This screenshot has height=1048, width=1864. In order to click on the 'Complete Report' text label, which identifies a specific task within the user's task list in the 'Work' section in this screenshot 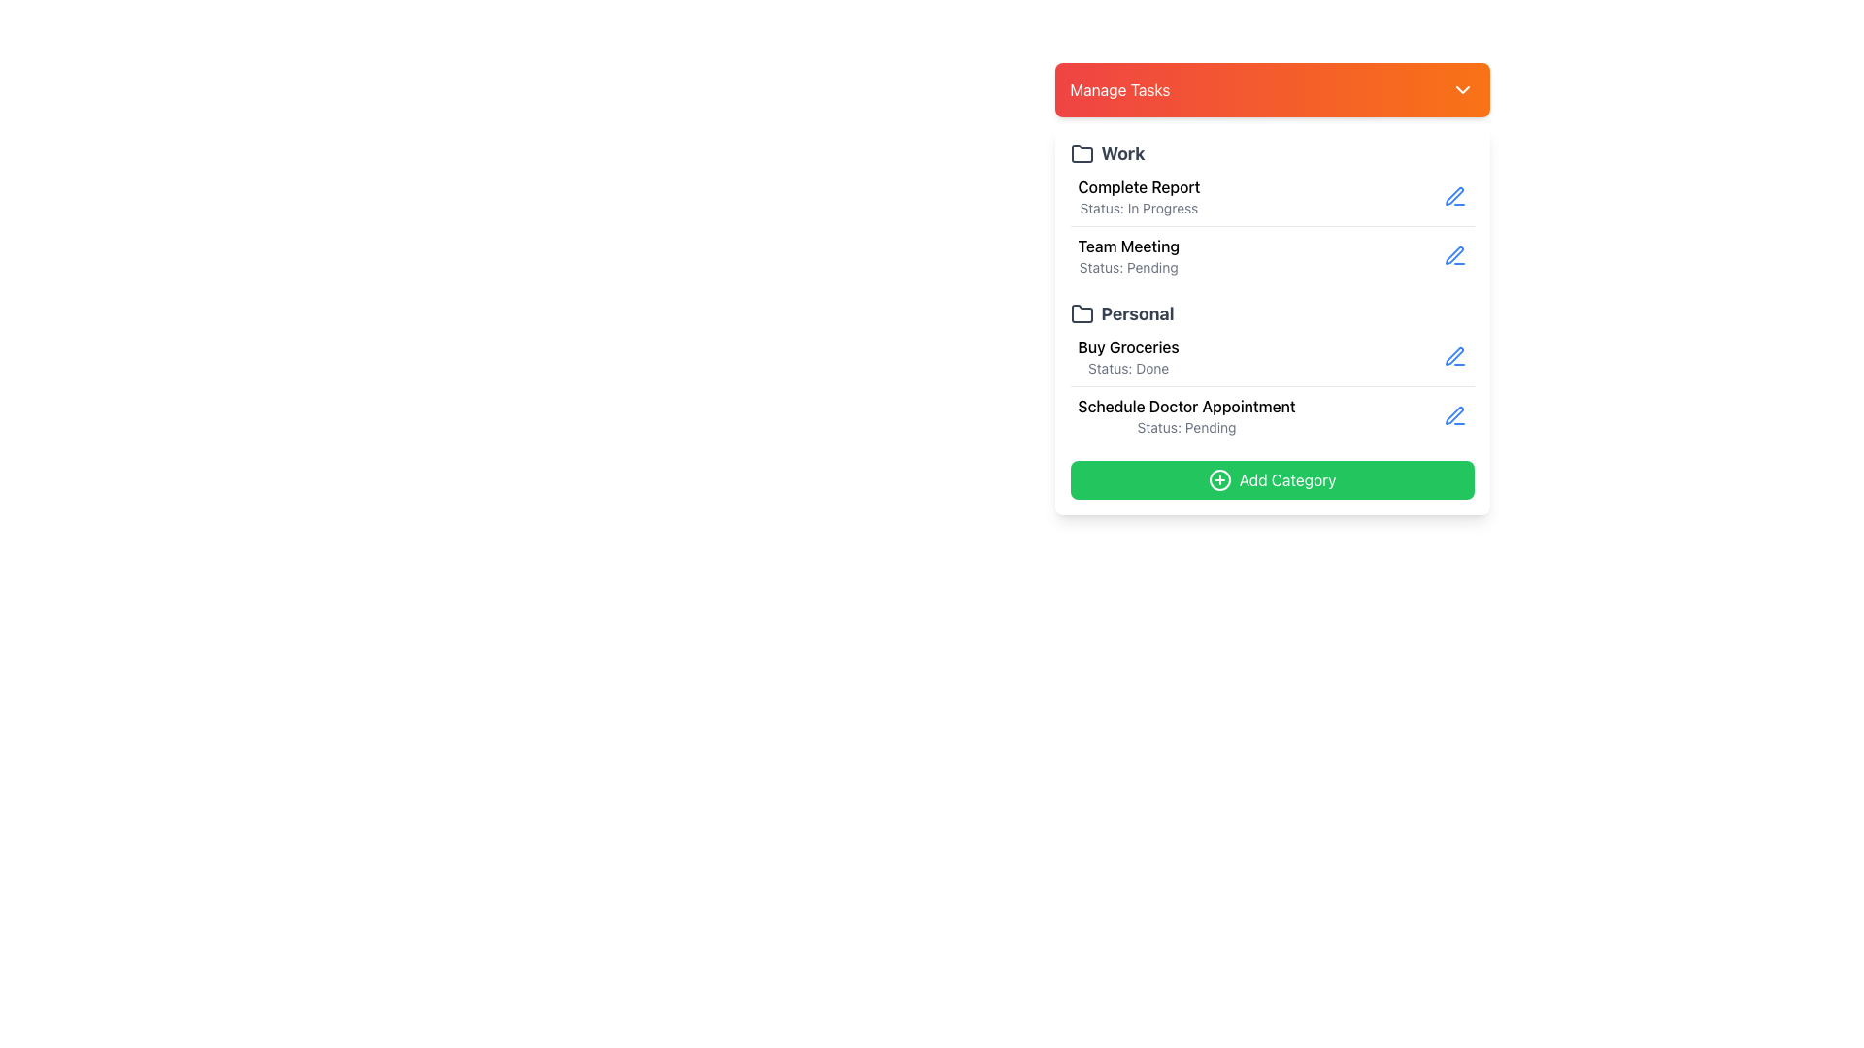, I will do `click(1139, 186)`.